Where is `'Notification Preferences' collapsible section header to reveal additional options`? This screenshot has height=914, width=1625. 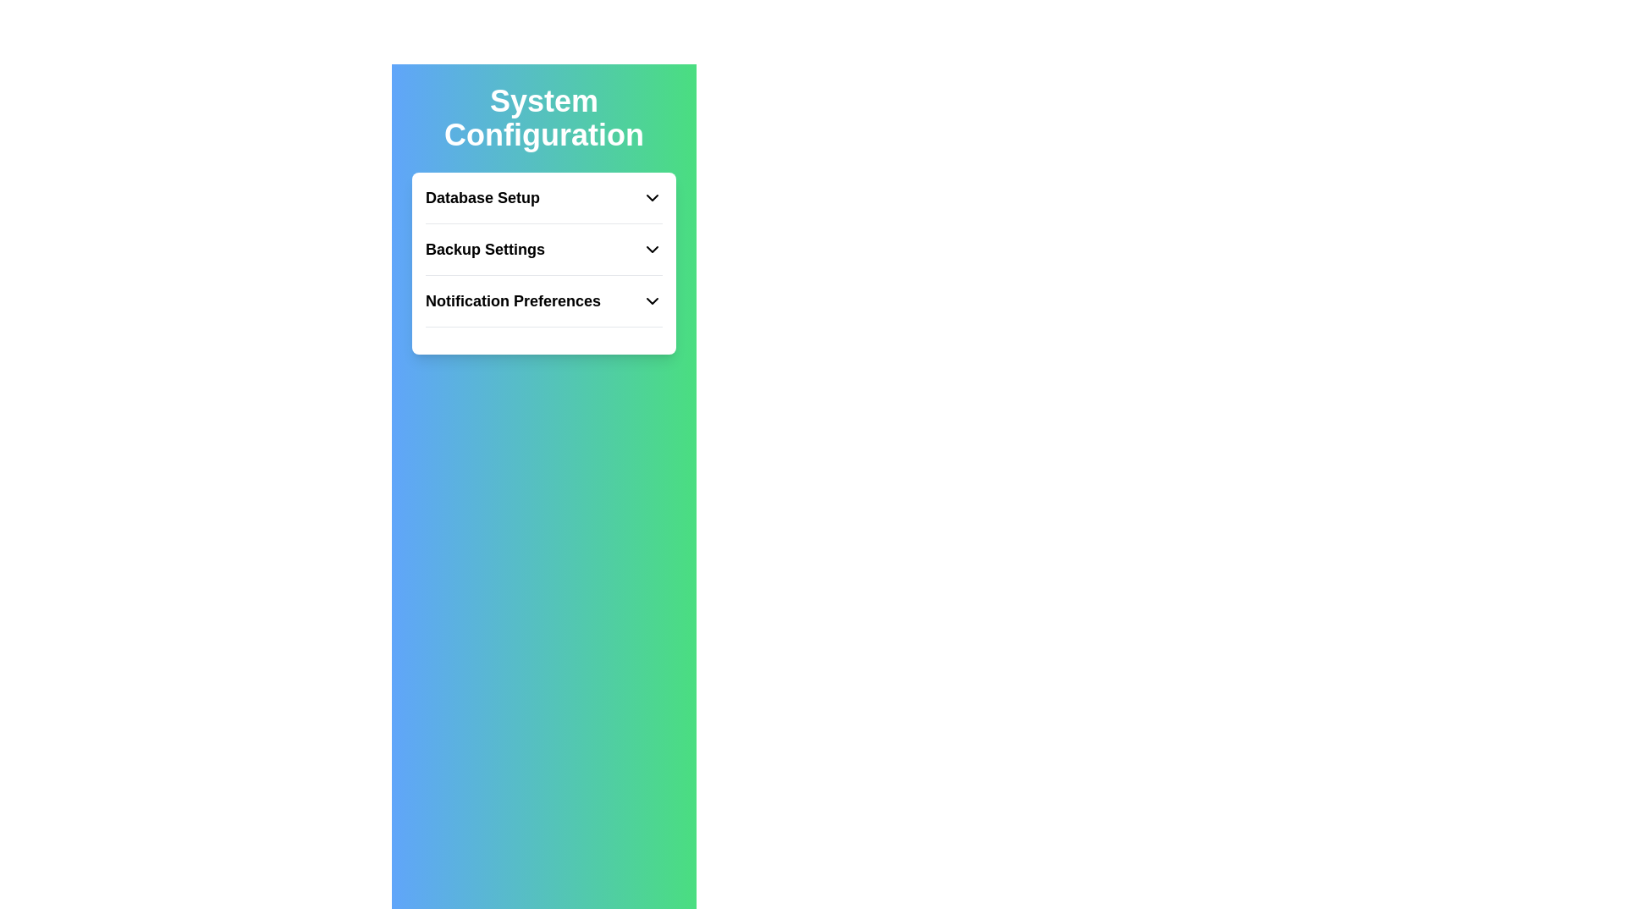
'Notification Preferences' collapsible section header to reveal additional options is located at coordinates (544, 300).